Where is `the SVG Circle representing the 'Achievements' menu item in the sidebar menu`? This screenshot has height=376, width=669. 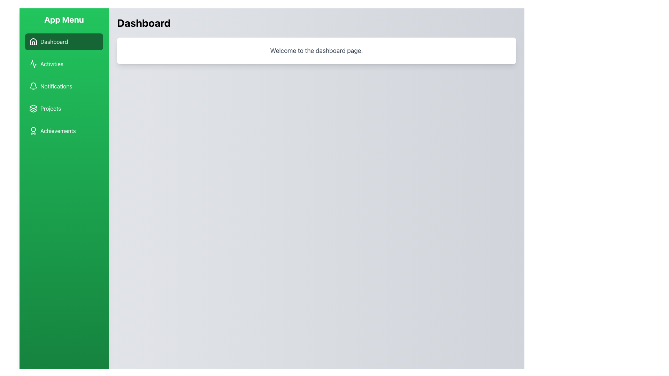 the SVG Circle representing the 'Achievements' menu item in the sidebar menu is located at coordinates (33, 129).